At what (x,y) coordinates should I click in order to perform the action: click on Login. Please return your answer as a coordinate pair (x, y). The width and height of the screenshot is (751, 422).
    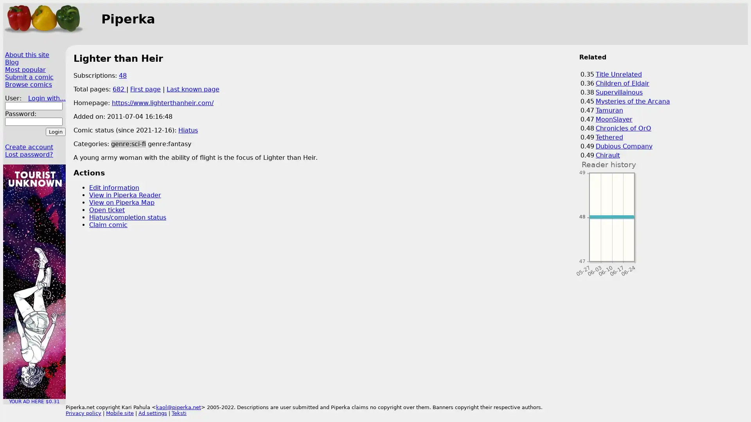
    Looking at the image, I should click on (55, 131).